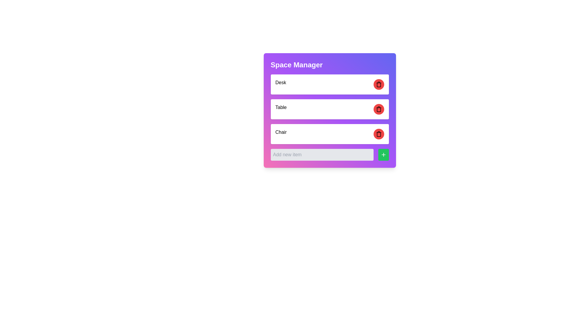 The image size is (567, 319). I want to click on the circular red button with a trash bin icon located to the right of the 'Desk' text in the 'Space Manager' section to observe the hover effect, so click(379, 84).